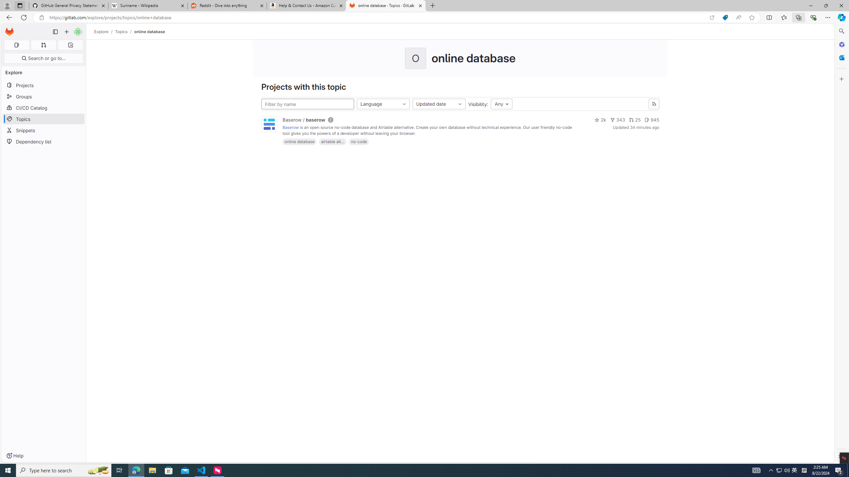 The image size is (849, 477). What do you see at coordinates (646, 119) in the screenshot?
I see `'Class: s14 gl-mr-2'` at bounding box center [646, 119].